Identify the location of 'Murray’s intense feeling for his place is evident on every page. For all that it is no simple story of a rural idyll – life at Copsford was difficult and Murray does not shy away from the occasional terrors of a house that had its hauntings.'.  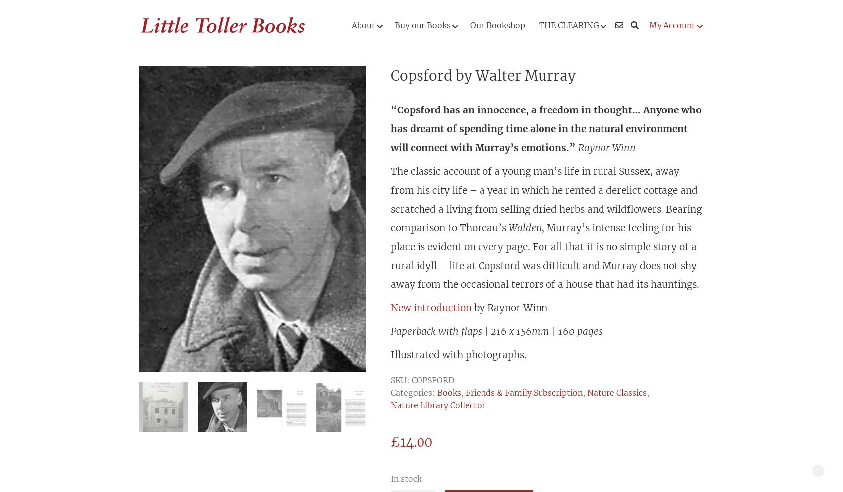
(544, 255).